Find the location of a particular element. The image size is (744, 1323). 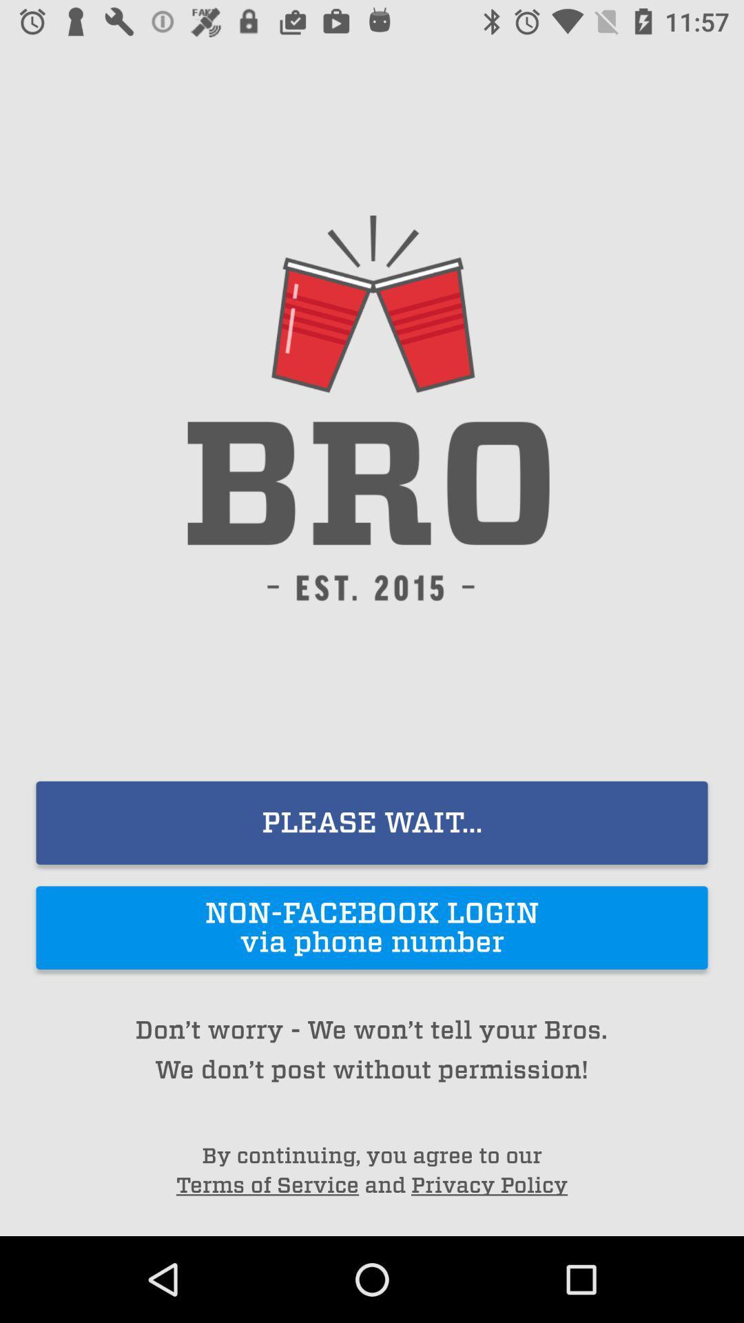

the icon next to the  and is located at coordinates (267, 1184).